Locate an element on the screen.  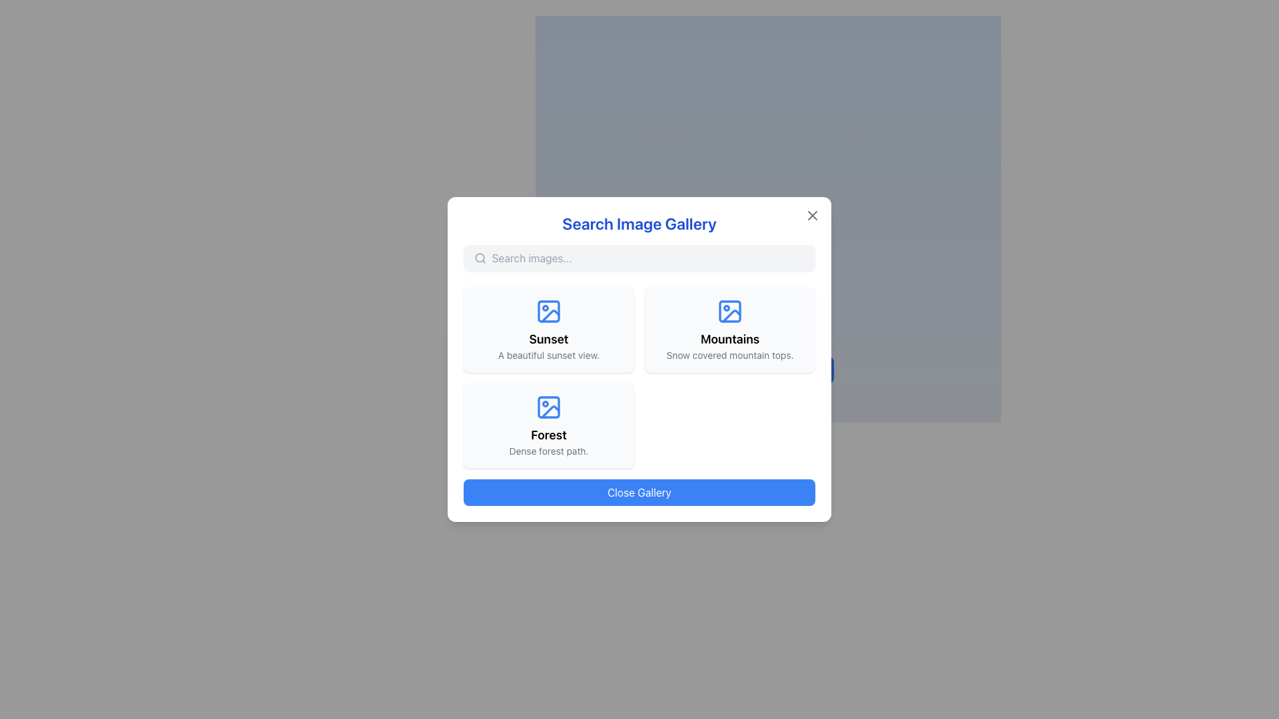
the circular body of the magnifying glass icon located in the top left corner of the search bar in the 'Search Image Gallery' modal is located at coordinates (480, 258).